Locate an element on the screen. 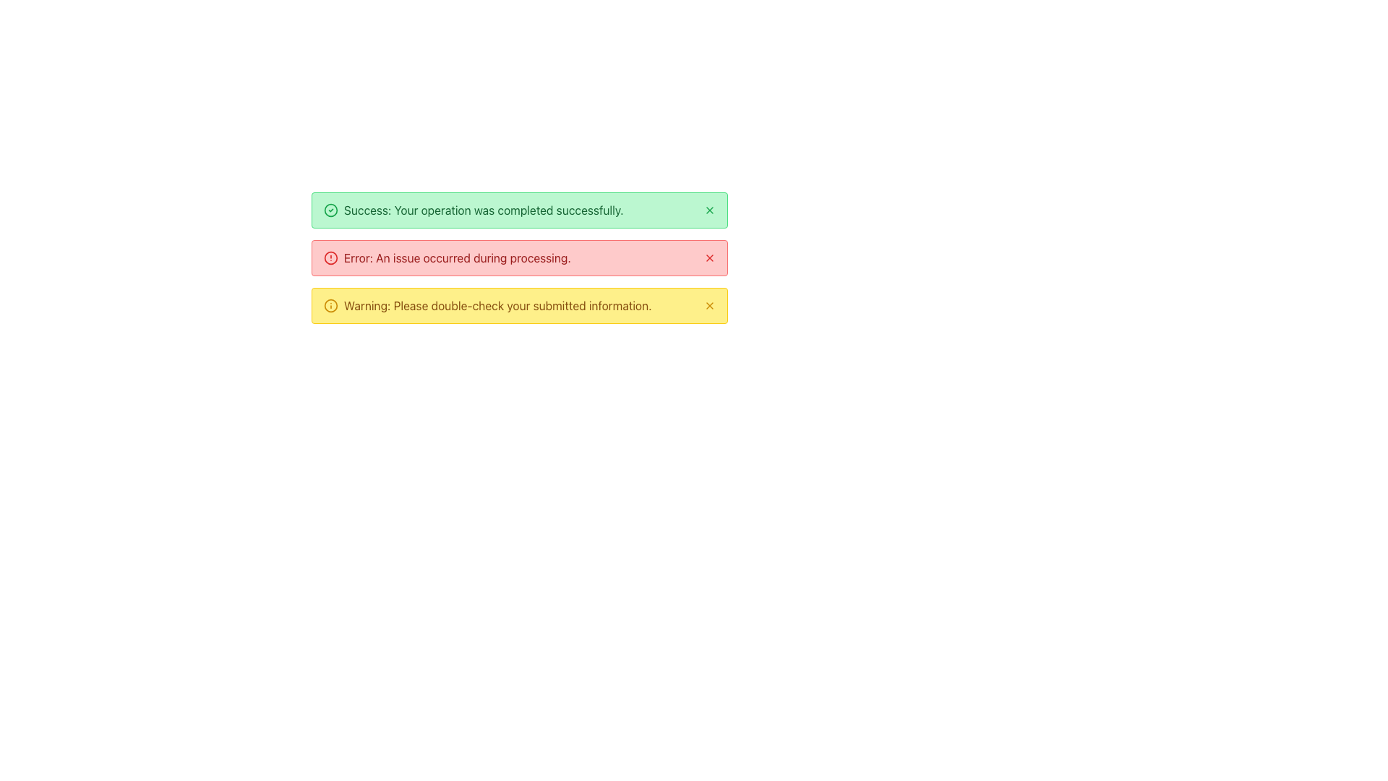  the success icon located inside the first light green notification box at the top of the view, which indicates confirmation and is positioned to the left of the accompanying text is located at coordinates (330, 210).